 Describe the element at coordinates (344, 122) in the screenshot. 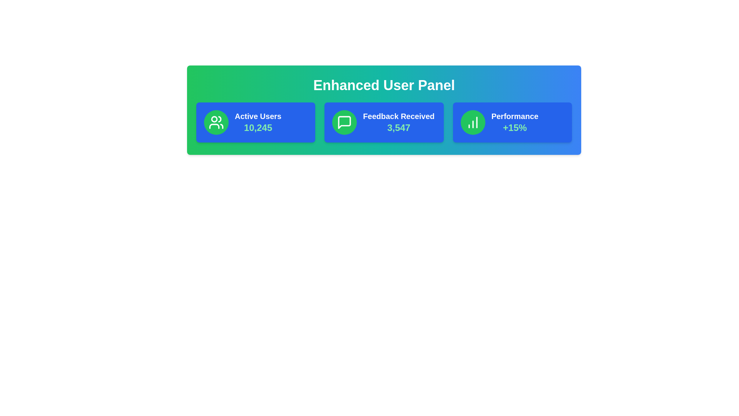

I see `the icon within the card labeled Feedback Received` at that location.